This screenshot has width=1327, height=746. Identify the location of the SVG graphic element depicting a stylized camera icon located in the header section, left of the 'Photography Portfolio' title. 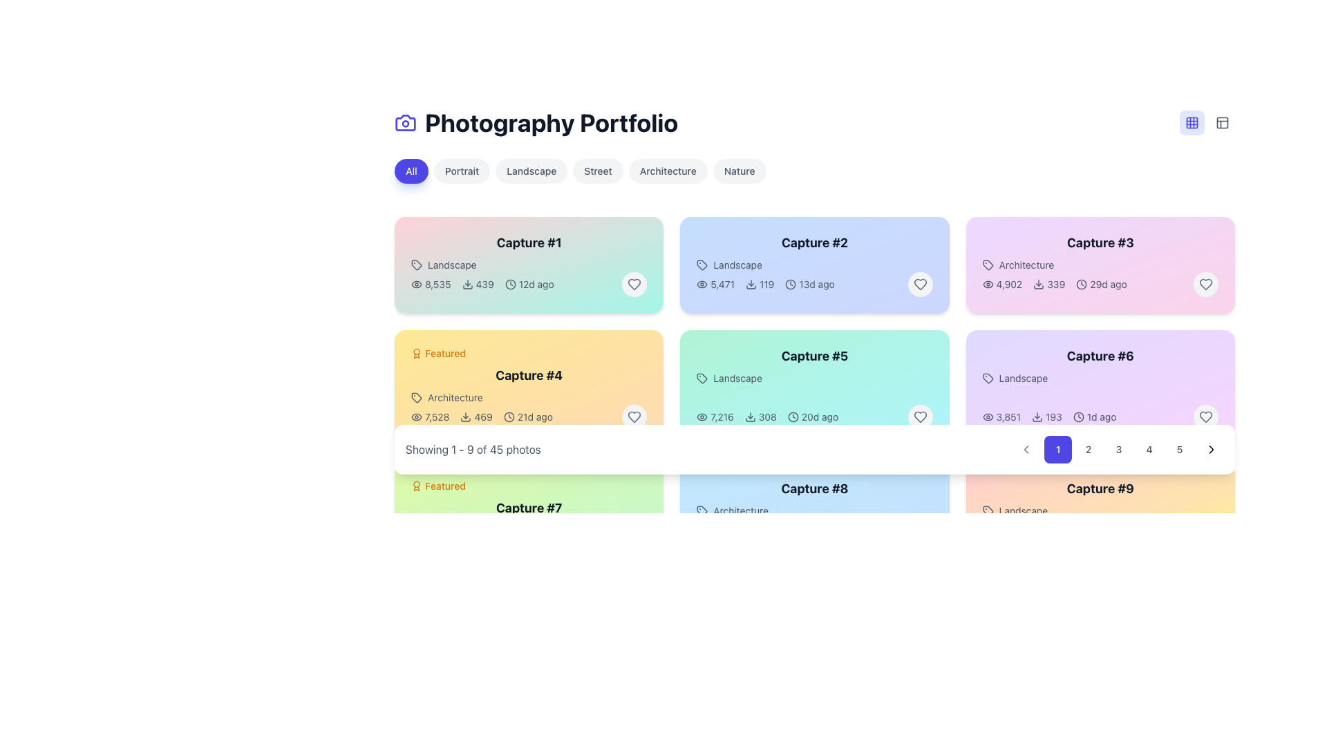
(404, 122).